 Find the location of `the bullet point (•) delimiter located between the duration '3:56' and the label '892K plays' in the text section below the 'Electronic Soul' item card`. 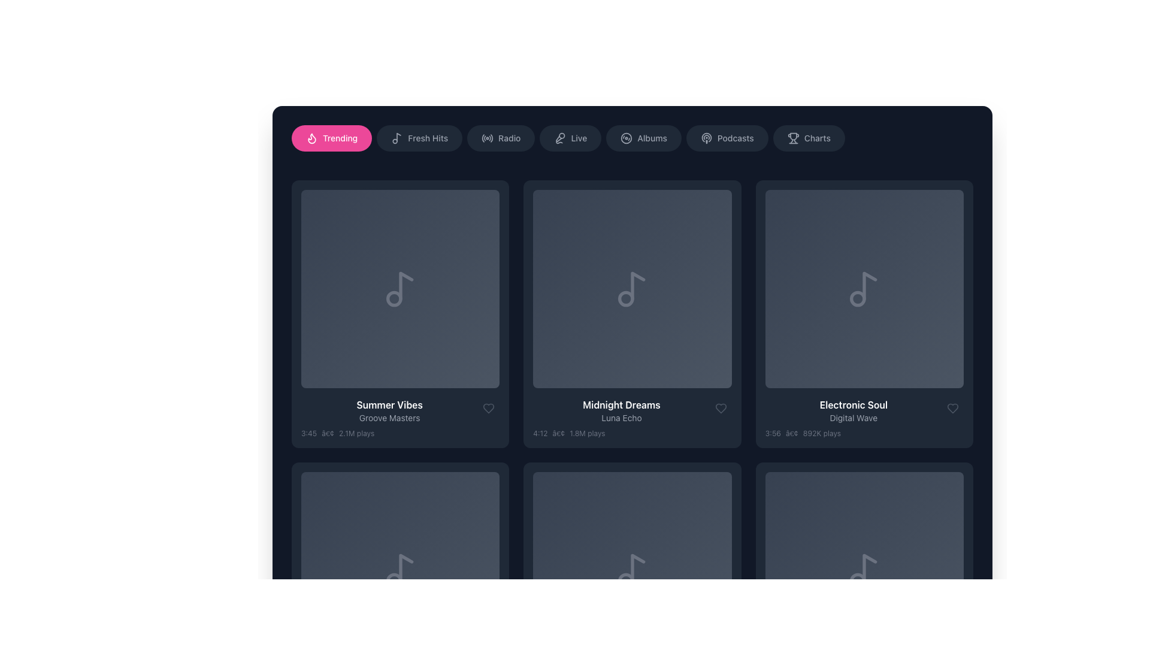

the bullet point (•) delimiter located between the duration '3:56' and the label '892K plays' in the text section below the 'Electronic Soul' item card is located at coordinates (792, 434).